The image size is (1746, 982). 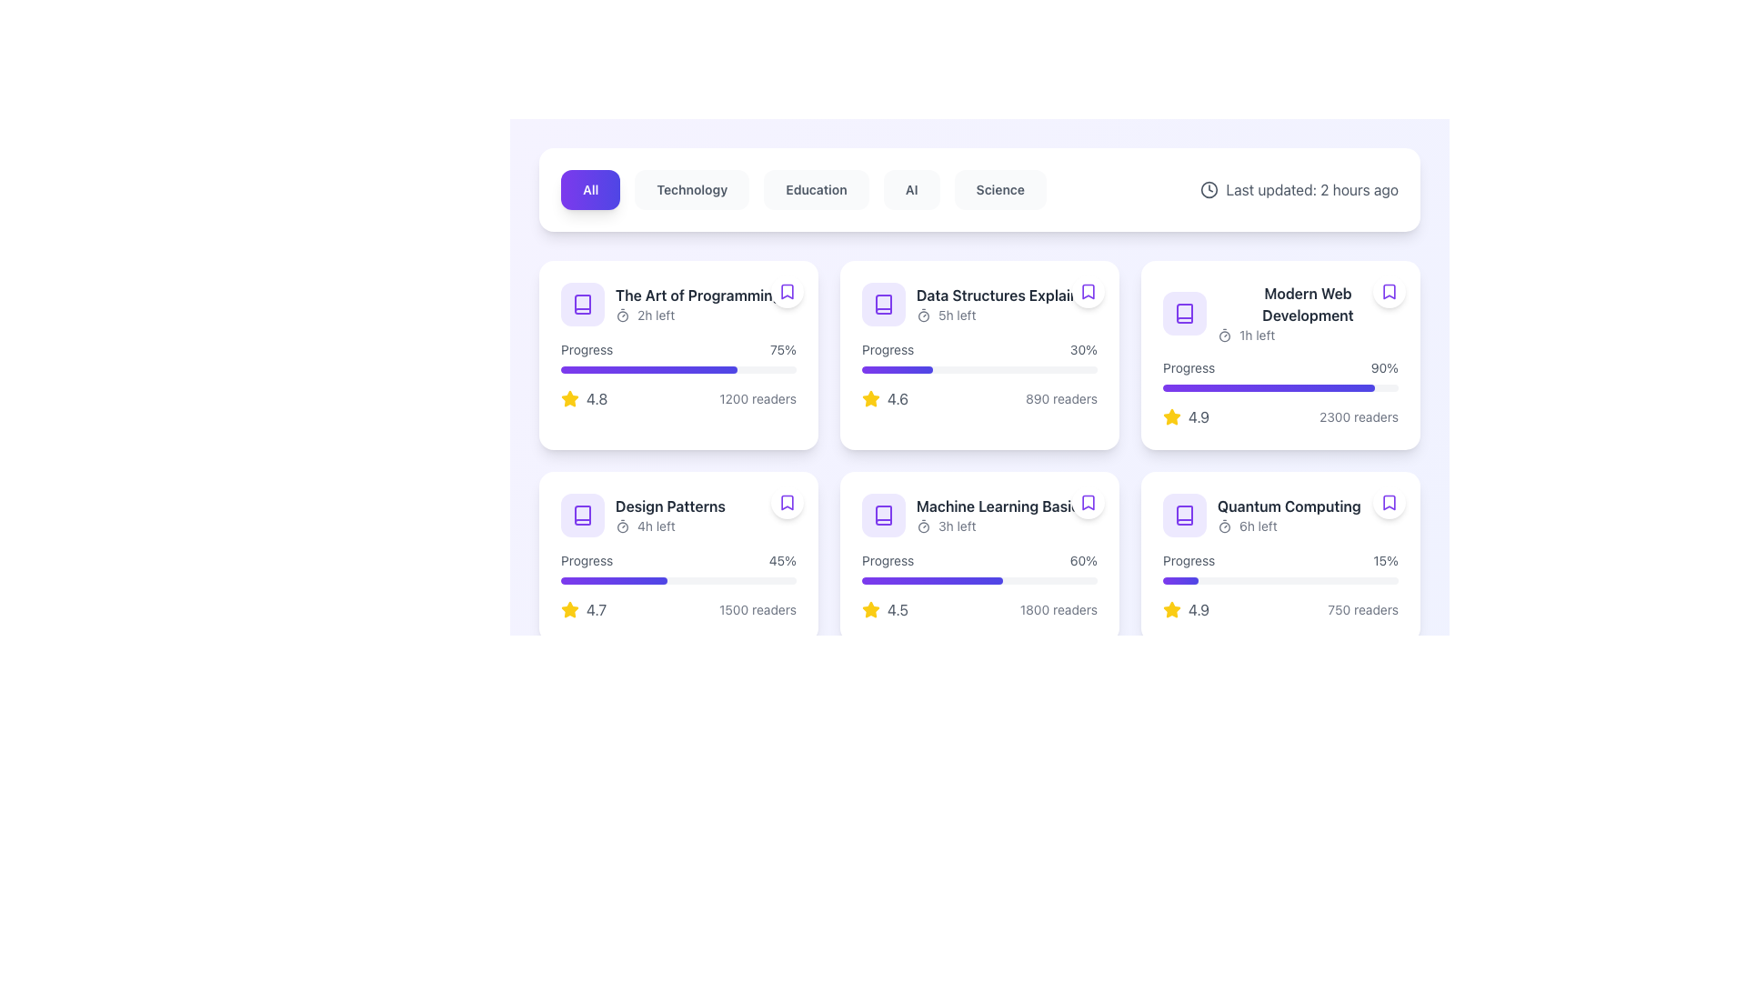 What do you see at coordinates (583, 304) in the screenshot?
I see `the book/course material icon located in the upper left segment of the card titled 'The Art of Programming' to interact with it` at bounding box center [583, 304].